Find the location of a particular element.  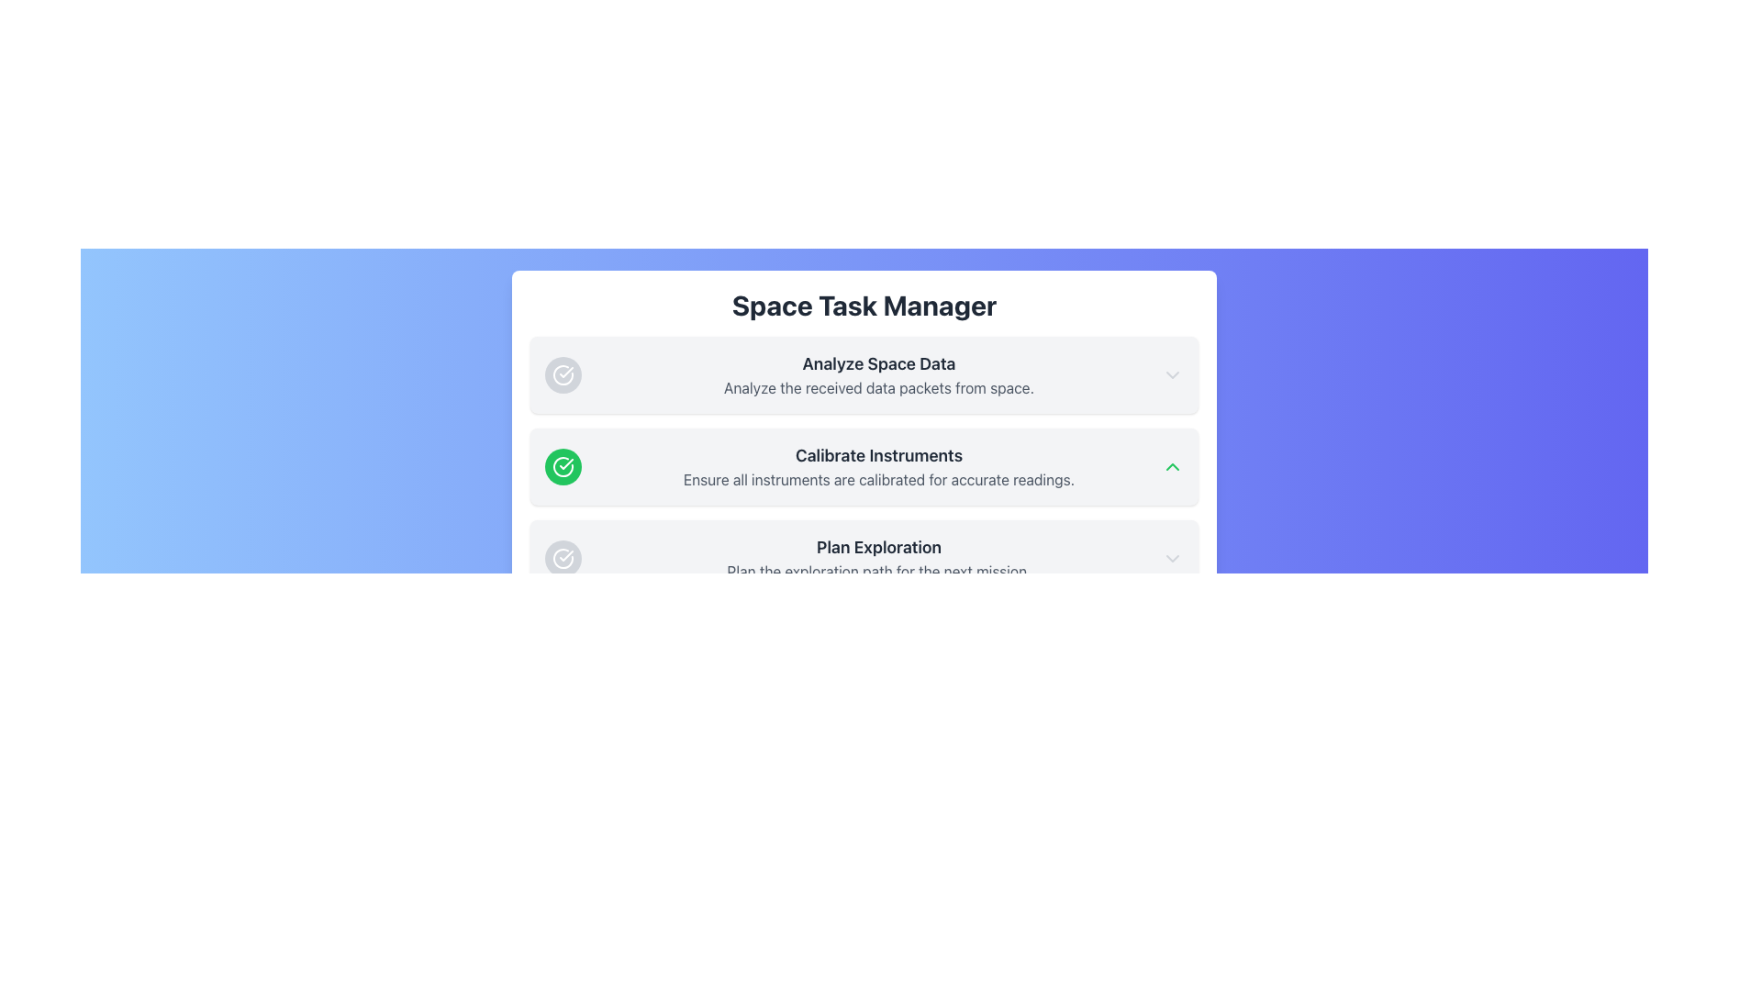

the completed status checkmark icon located to the left of the list item 'Calibrate Instruments' within the green circular icon is located at coordinates (565, 462).